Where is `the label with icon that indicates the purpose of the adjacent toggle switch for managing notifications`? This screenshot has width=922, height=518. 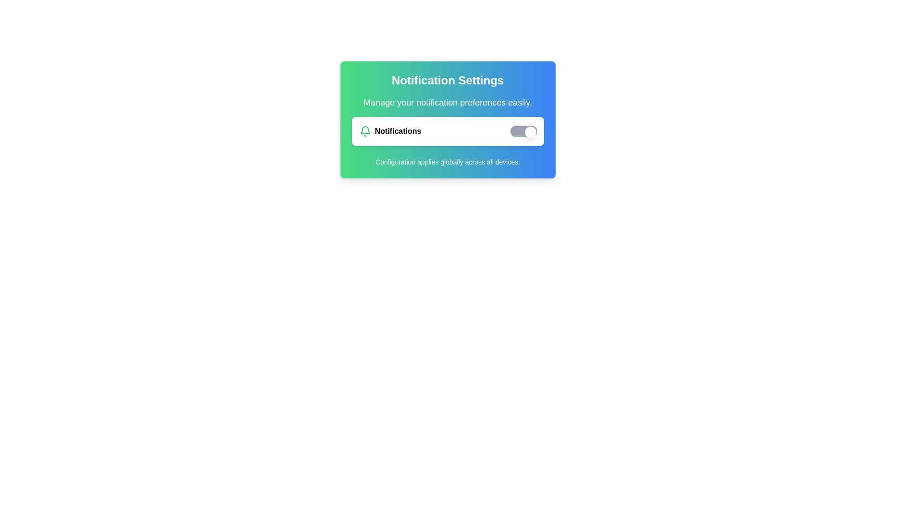 the label with icon that indicates the purpose of the adjacent toggle switch for managing notifications is located at coordinates (390, 131).